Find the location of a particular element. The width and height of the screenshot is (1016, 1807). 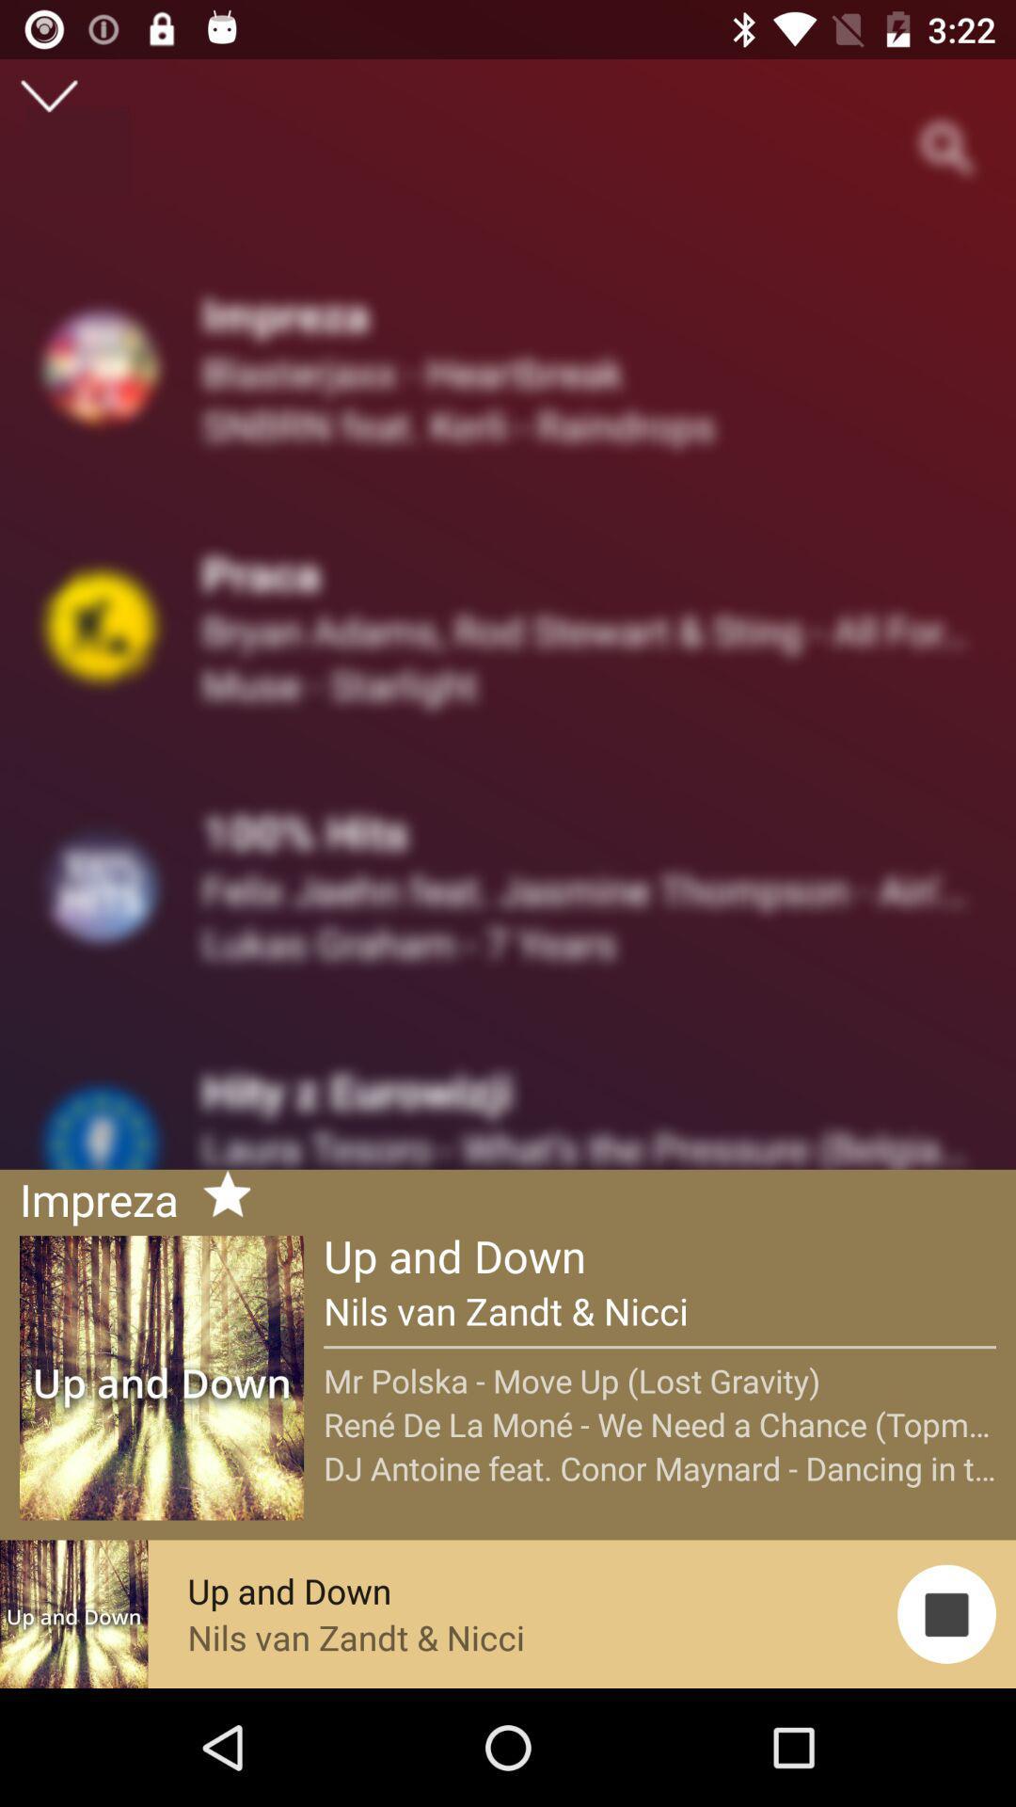

expand option is located at coordinates (48, 95).